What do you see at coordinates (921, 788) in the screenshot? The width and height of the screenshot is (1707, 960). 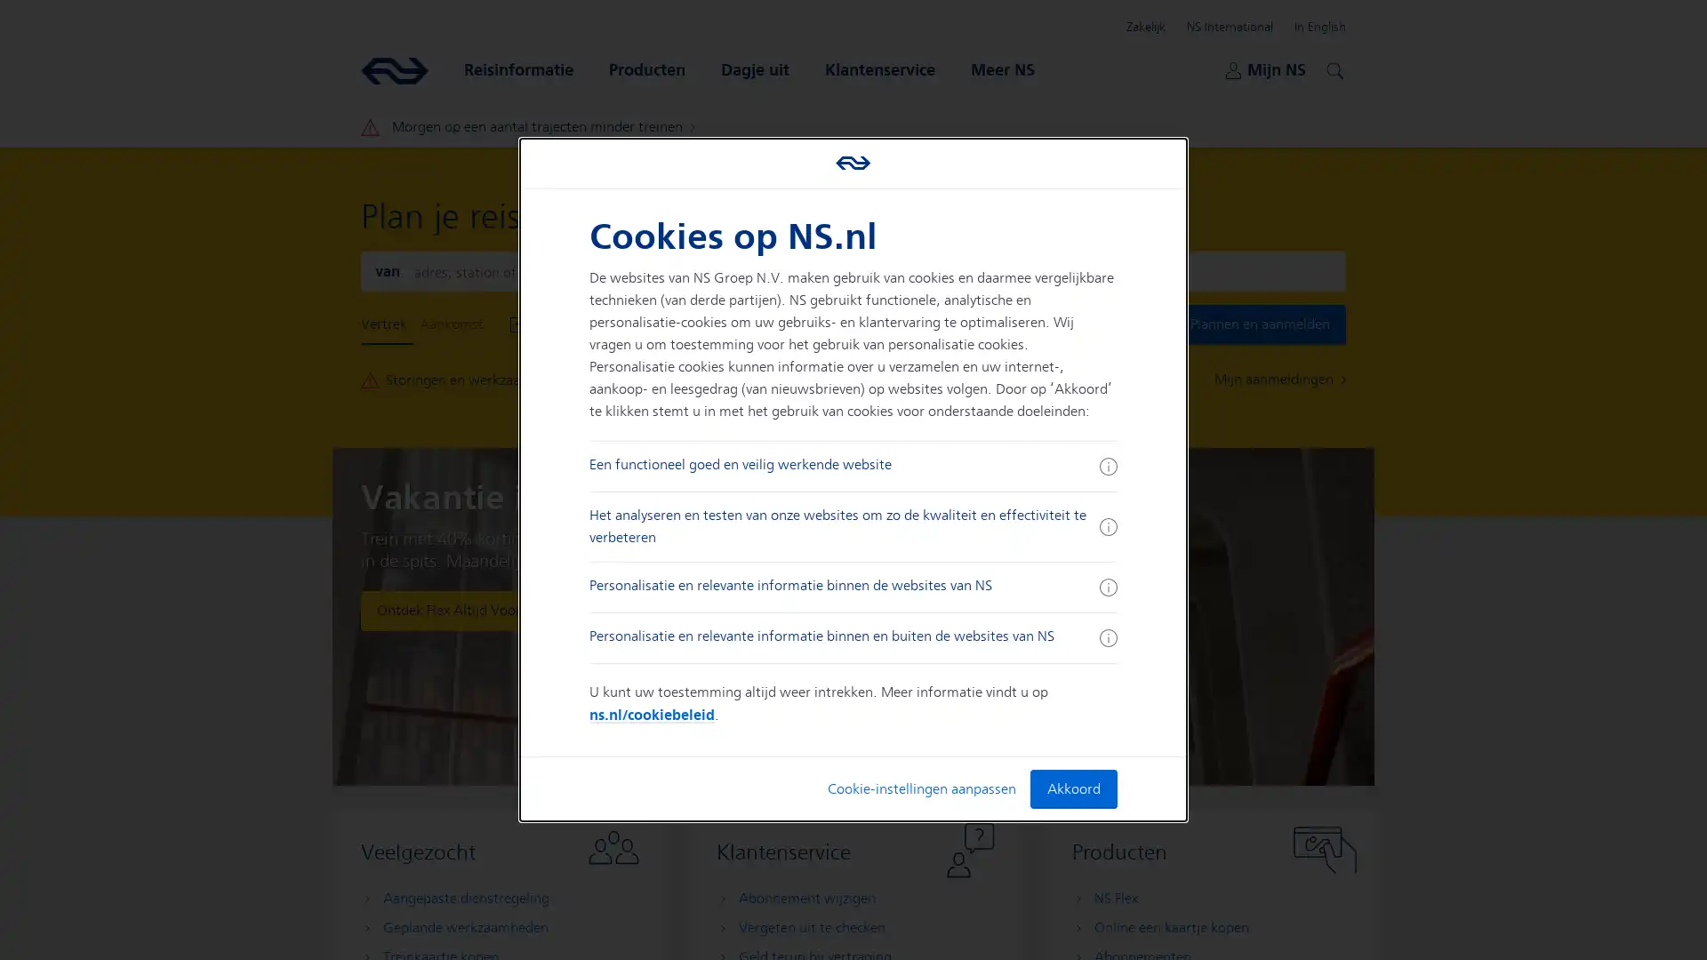 I see `Cookie-instellingen aanpassen` at bounding box center [921, 788].